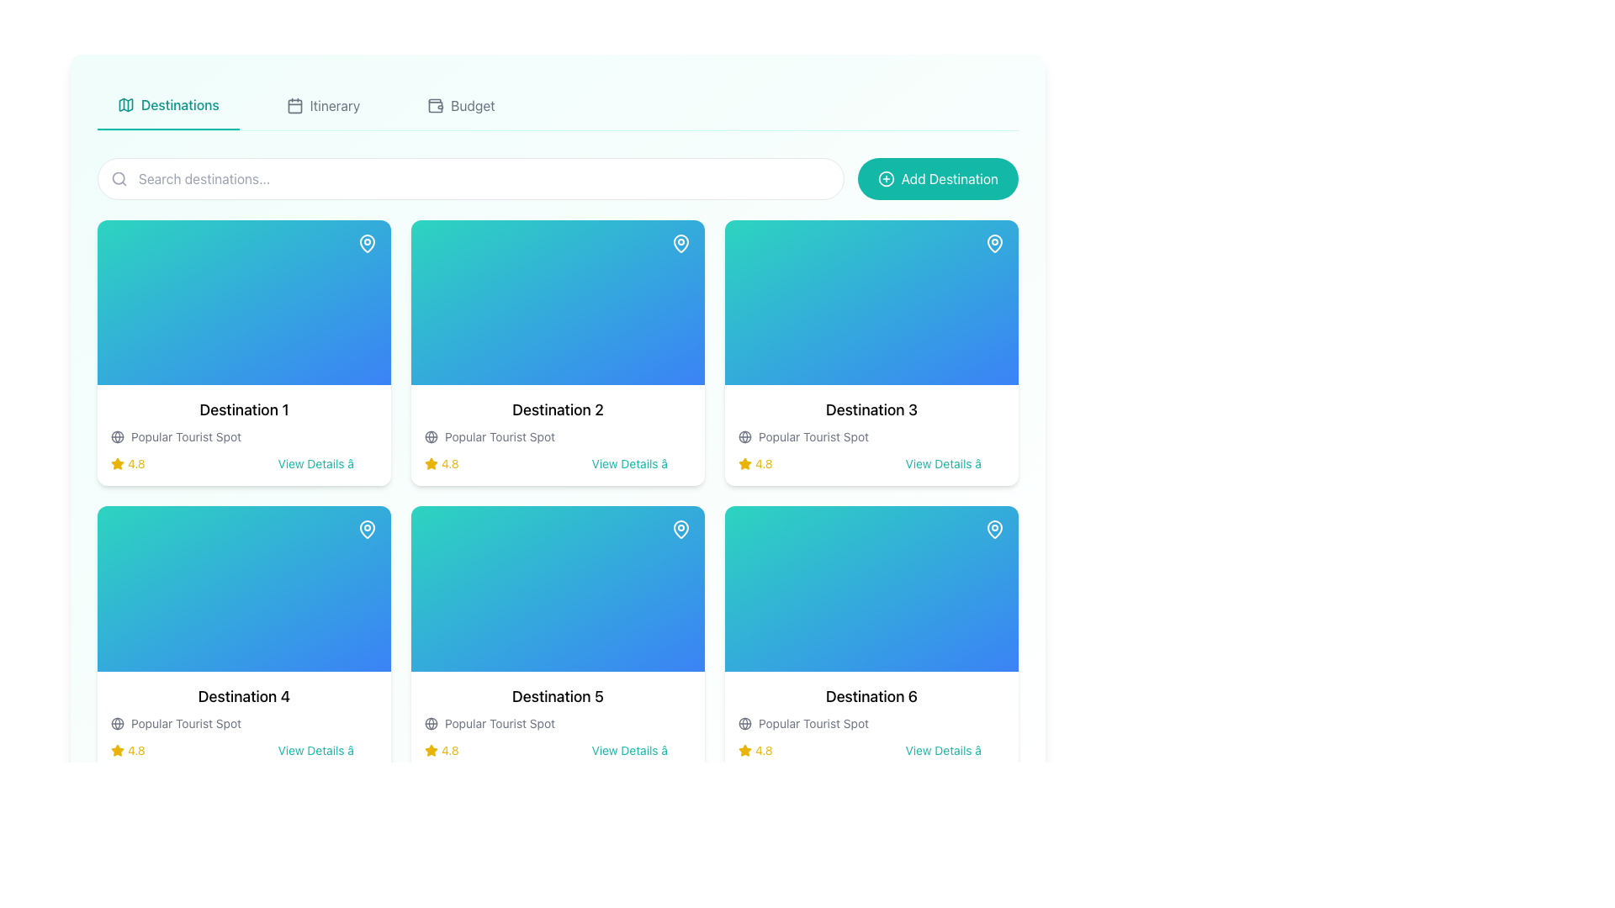 The width and height of the screenshot is (1615, 908). What do you see at coordinates (432, 463) in the screenshot?
I see `the rating star icon representing a score of 4.8 located in the lower-left section of the 'Destination 2' card` at bounding box center [432, 463].